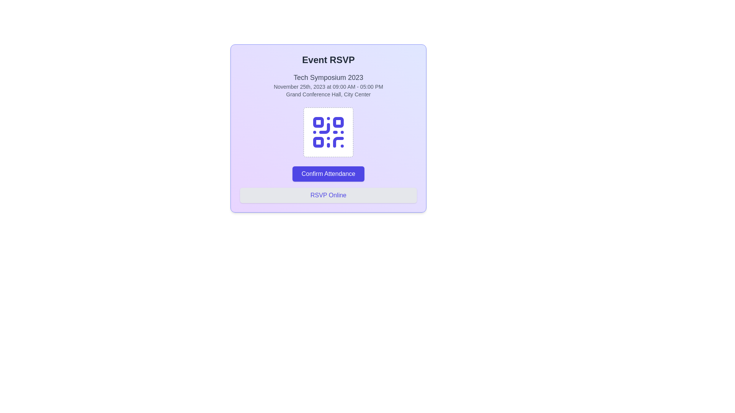 The width and height of the screenshot is (735, 413). Describe the element at coordinates (328, 60) in the screenshot. I see `the 'Event RSVP' static text header, which is prominently displayed at the top of the card component with a bold font on a light gradient background` at that location.